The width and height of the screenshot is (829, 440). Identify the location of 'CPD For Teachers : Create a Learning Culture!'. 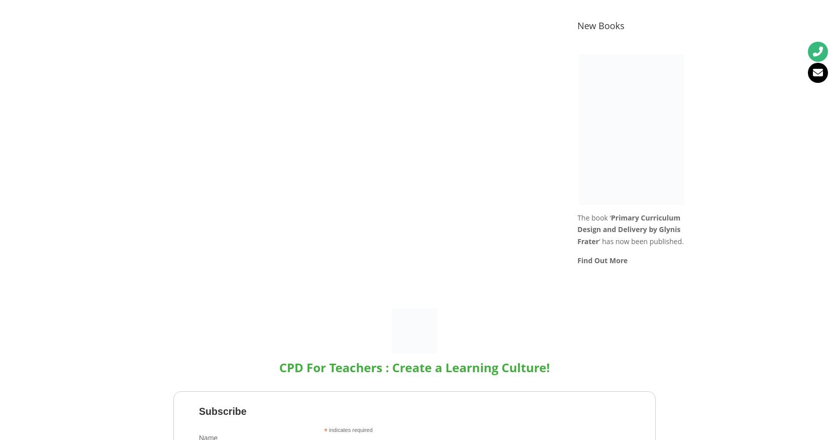
(413, 367).